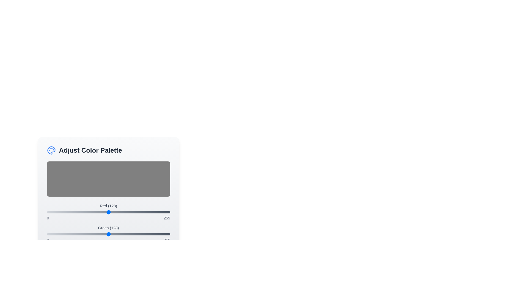  I want to click on the red color slider to 70, so click(80, 212).